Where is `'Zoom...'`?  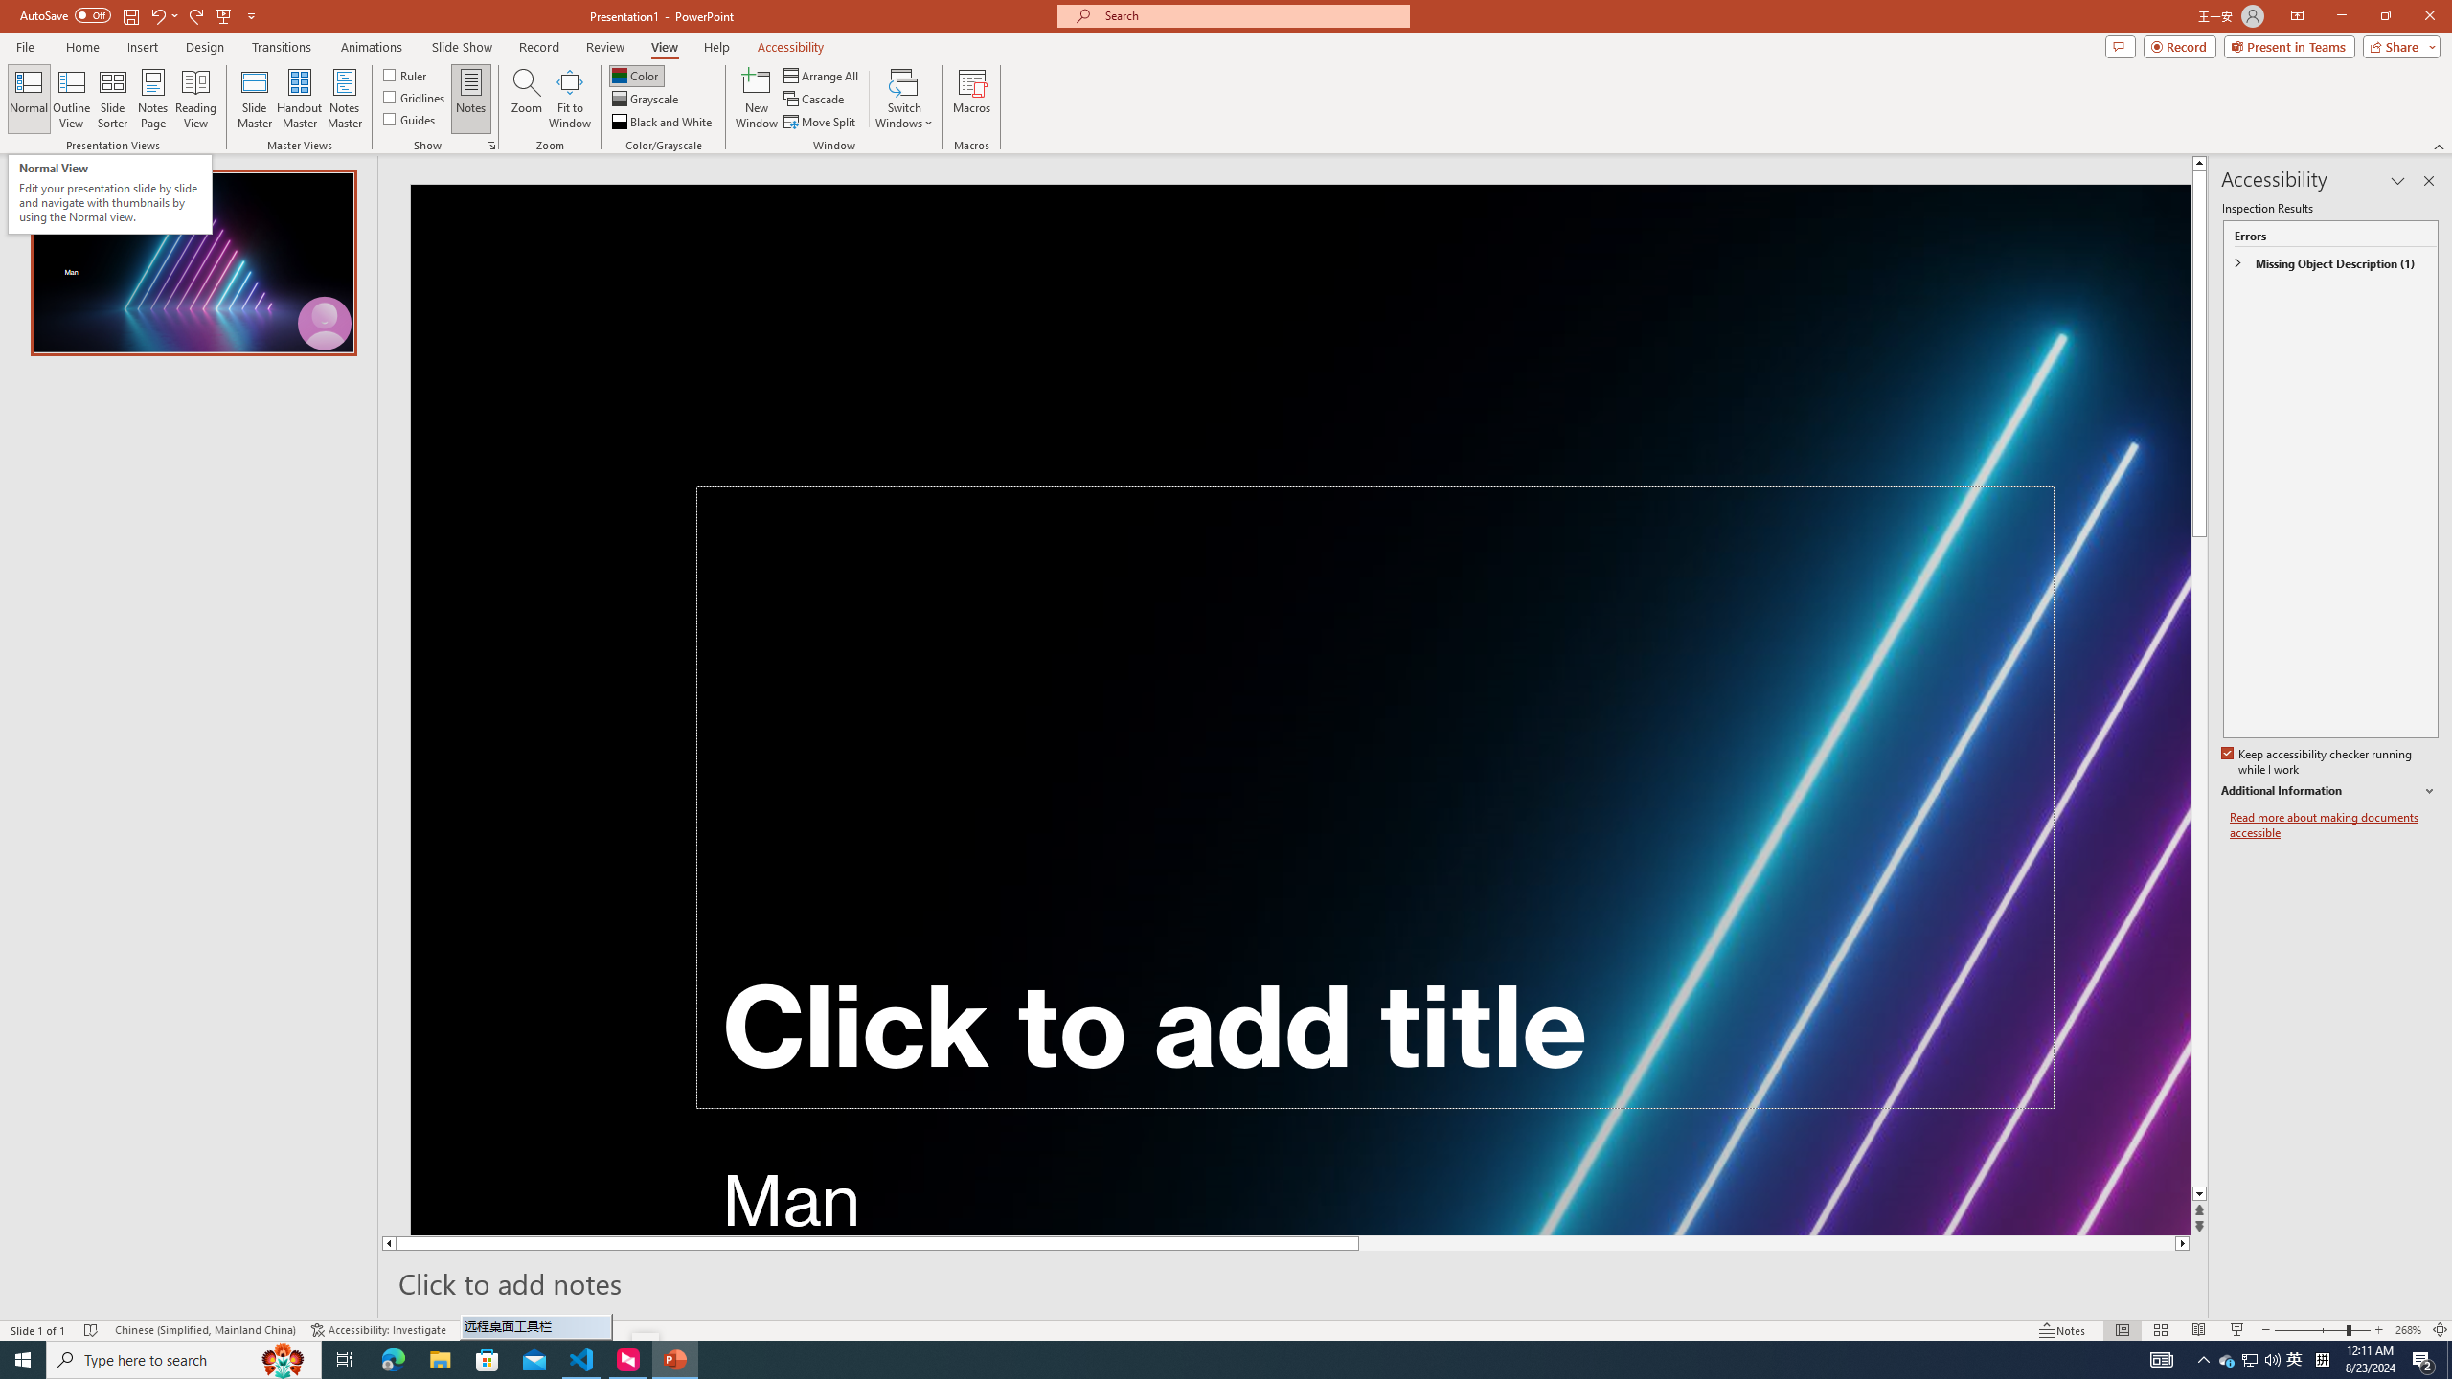
'Zoom...' is located at coordinates (527, 99).